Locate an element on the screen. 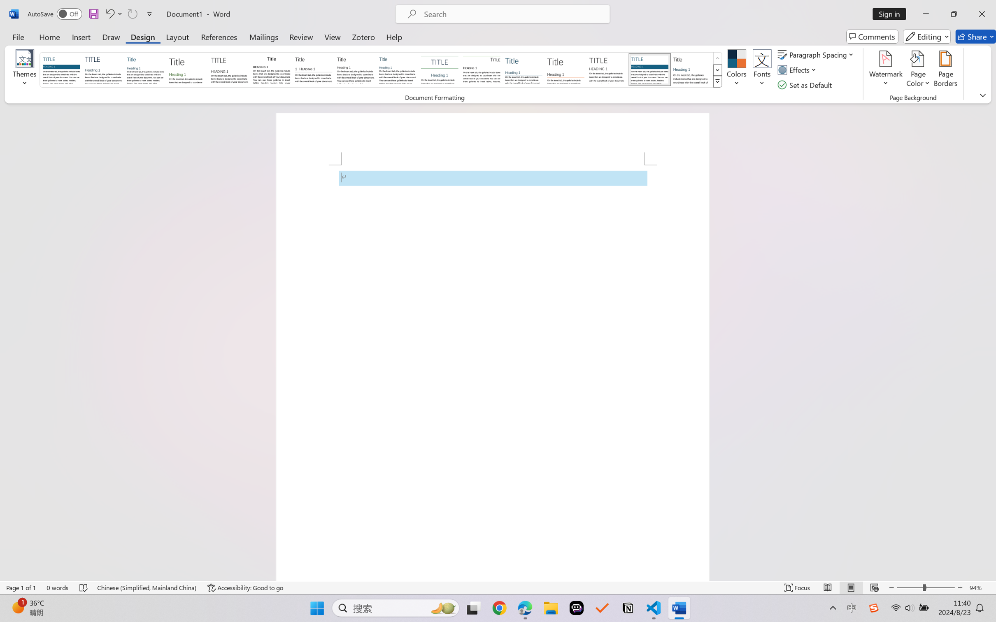 Image resolution: width=996 pixels, height=622 pixels. 'Editing' is located at coordinates (927, 36).